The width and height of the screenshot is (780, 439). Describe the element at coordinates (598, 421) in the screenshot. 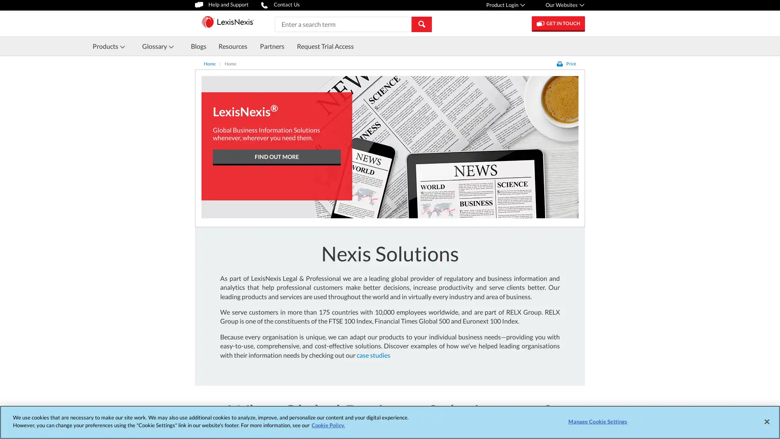

I see `Manage Cookie Settings` at that location.